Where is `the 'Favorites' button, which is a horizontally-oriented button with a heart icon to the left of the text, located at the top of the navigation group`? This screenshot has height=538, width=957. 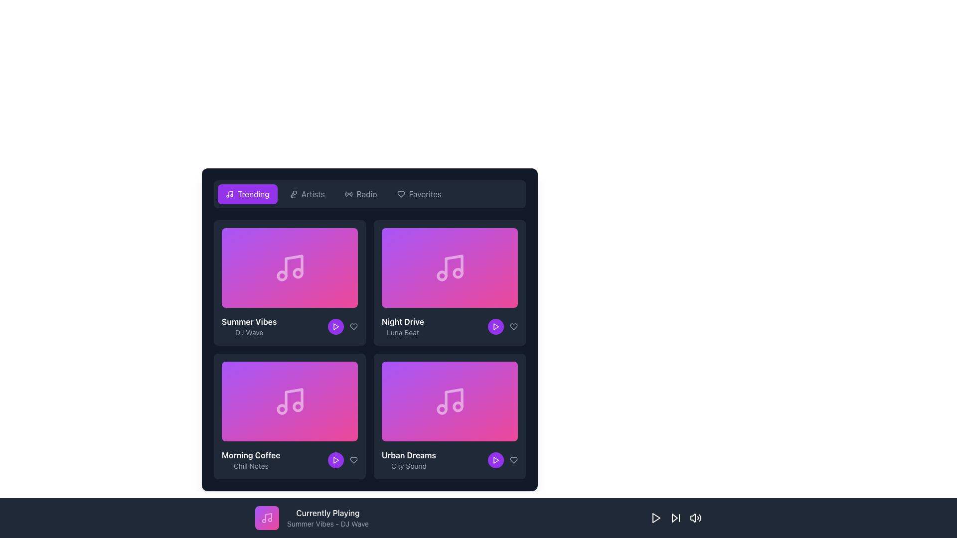
the 'Favorites' button, which is a horizontally-oriented button with a heart icon to the left of the text, located at the top of the navigation group is located at coordinates (419, 194).